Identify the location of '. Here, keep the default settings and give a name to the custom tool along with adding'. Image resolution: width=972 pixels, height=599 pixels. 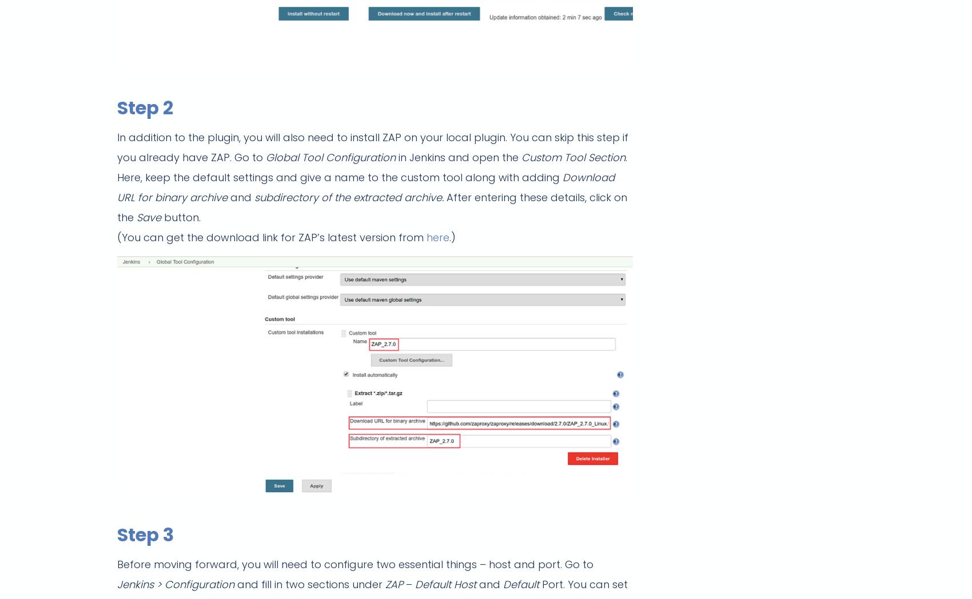
(372, 167).